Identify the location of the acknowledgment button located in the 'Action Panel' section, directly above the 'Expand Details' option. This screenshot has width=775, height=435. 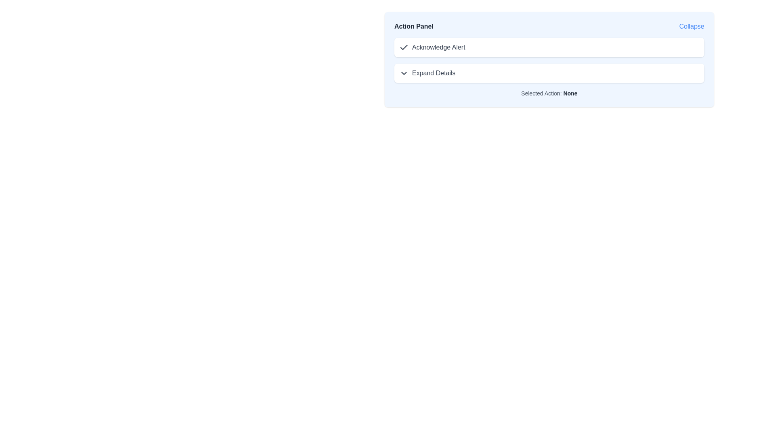
(431, 48).